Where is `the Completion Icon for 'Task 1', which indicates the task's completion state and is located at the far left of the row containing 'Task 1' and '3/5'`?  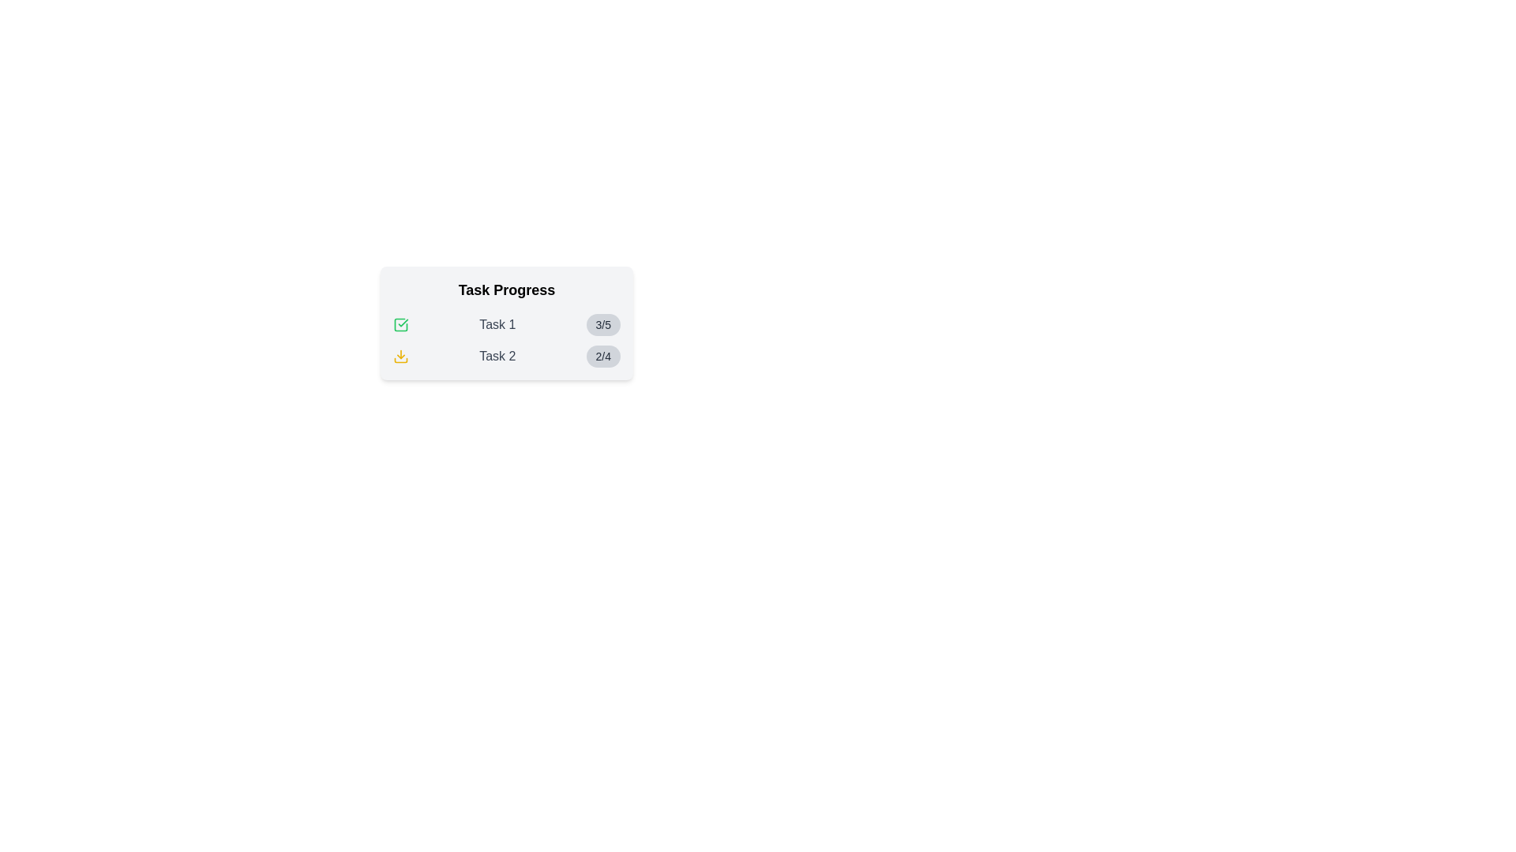 the Completion Icon for 'Task 1', which indicates the task's completion state and is located at the far left of the row containing 'Task 1' and '3/5' is located at coordinates (401, 324).